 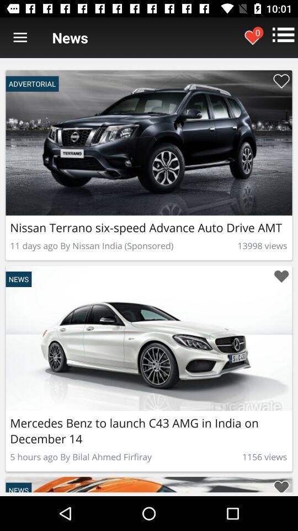 I want to click on mercedes benz to launch c43 amg in india on december 14, so click(x=281, y=276).